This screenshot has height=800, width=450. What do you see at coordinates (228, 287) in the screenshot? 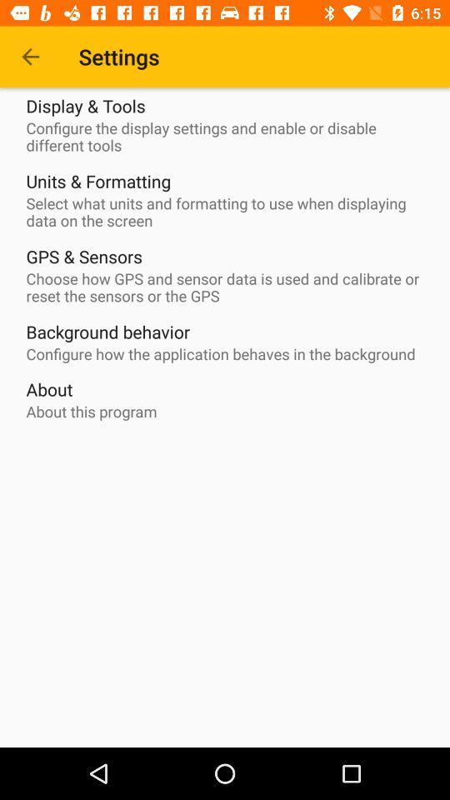
I see `the icon above background behavior icon` at bounding box center [228, 287].